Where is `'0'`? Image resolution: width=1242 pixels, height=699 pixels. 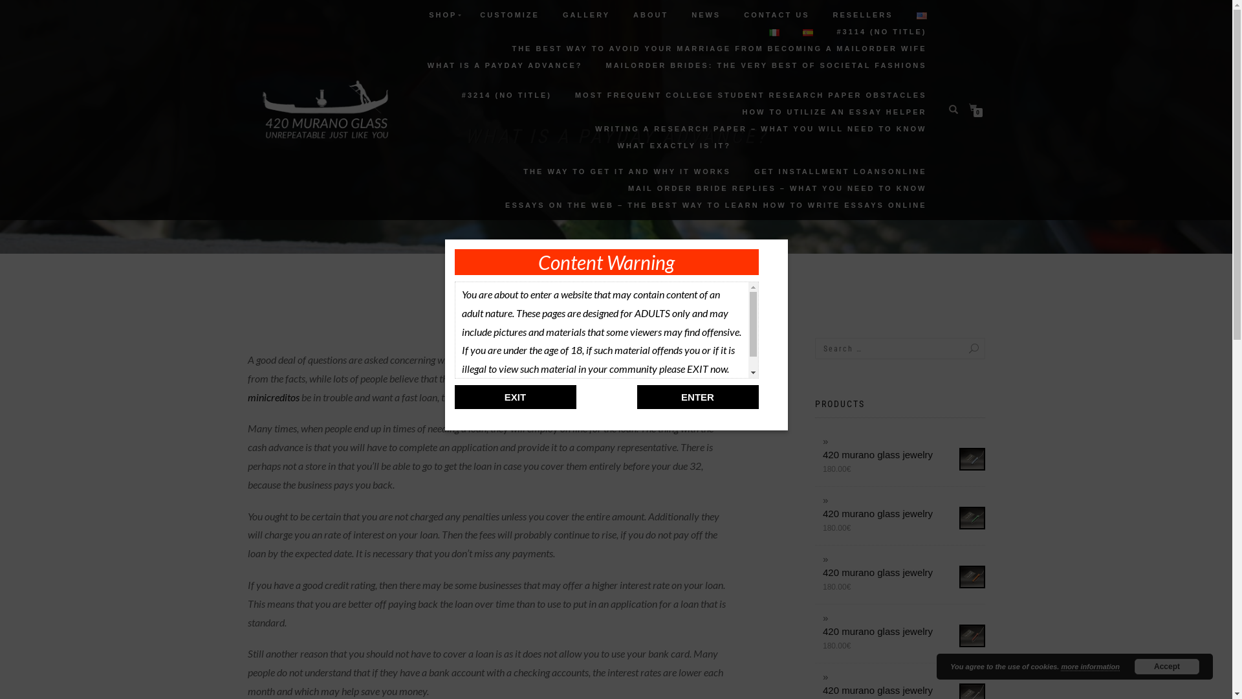 '0' is located at coordinates (975, 107).